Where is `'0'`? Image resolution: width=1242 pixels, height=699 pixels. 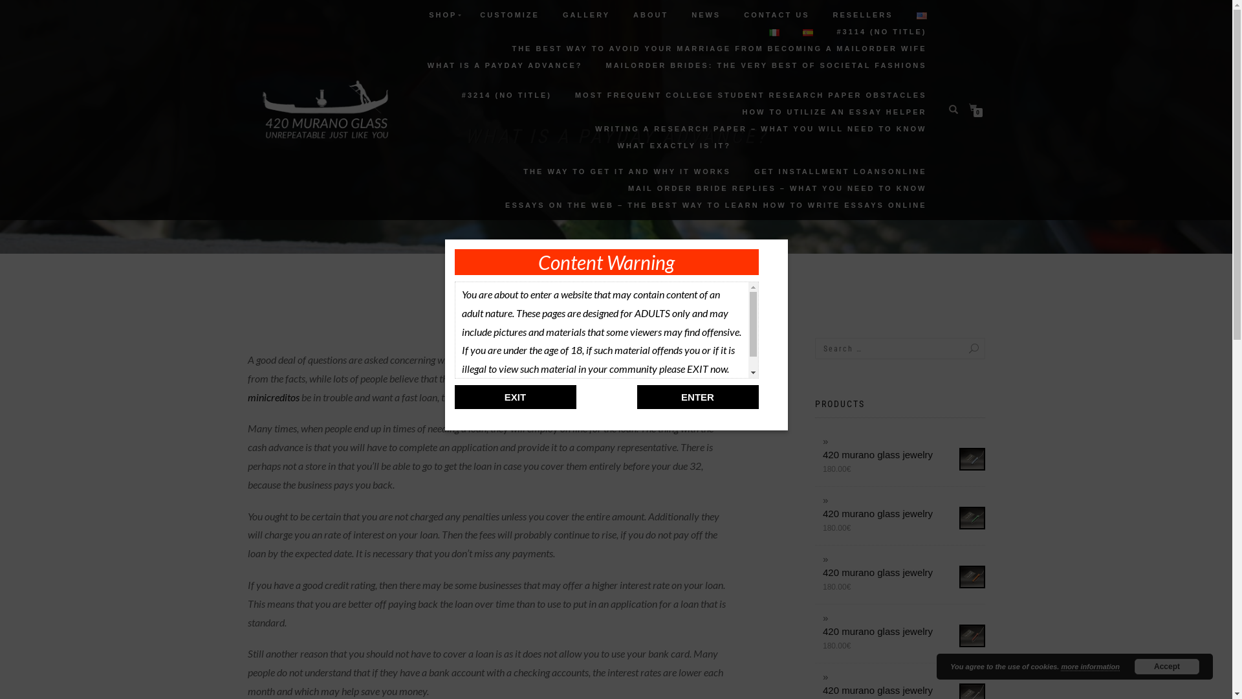 '0' is located at coordinates (975, 107).